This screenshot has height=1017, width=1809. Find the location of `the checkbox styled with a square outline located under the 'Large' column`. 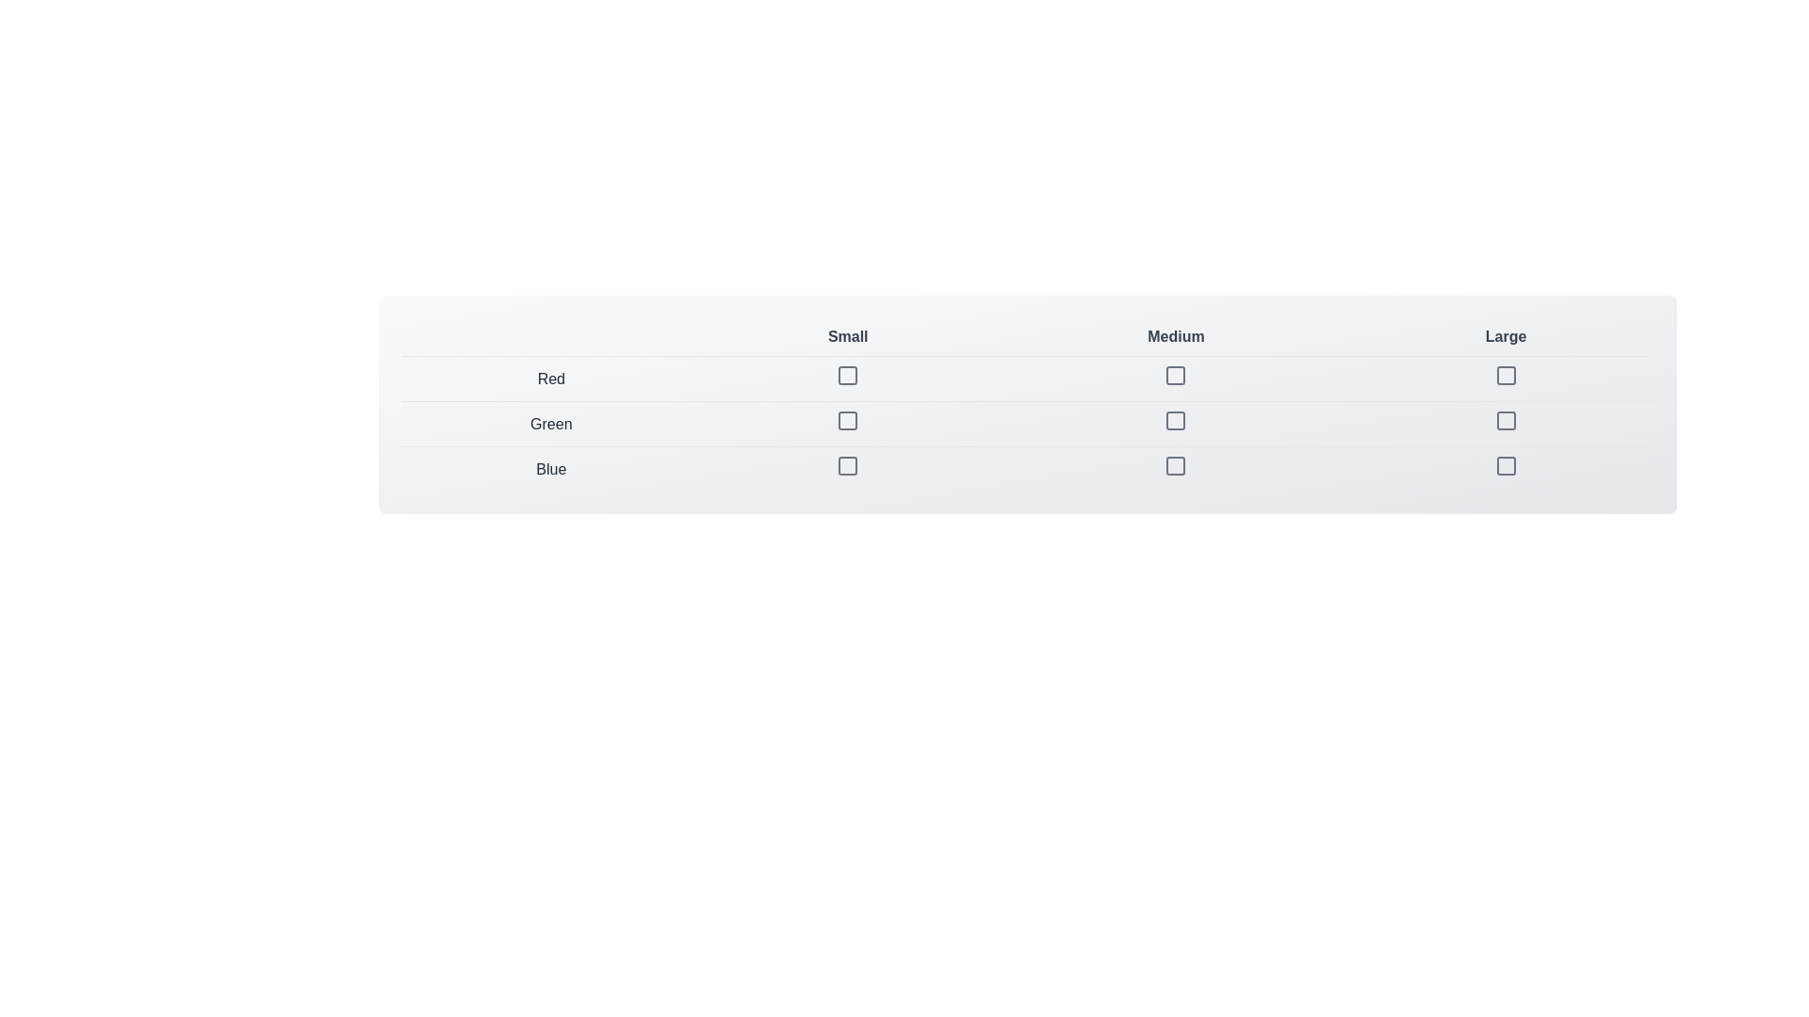

the checkbox styled with a square outline located under the 'Large' column is located at coordinates (1505, 424).